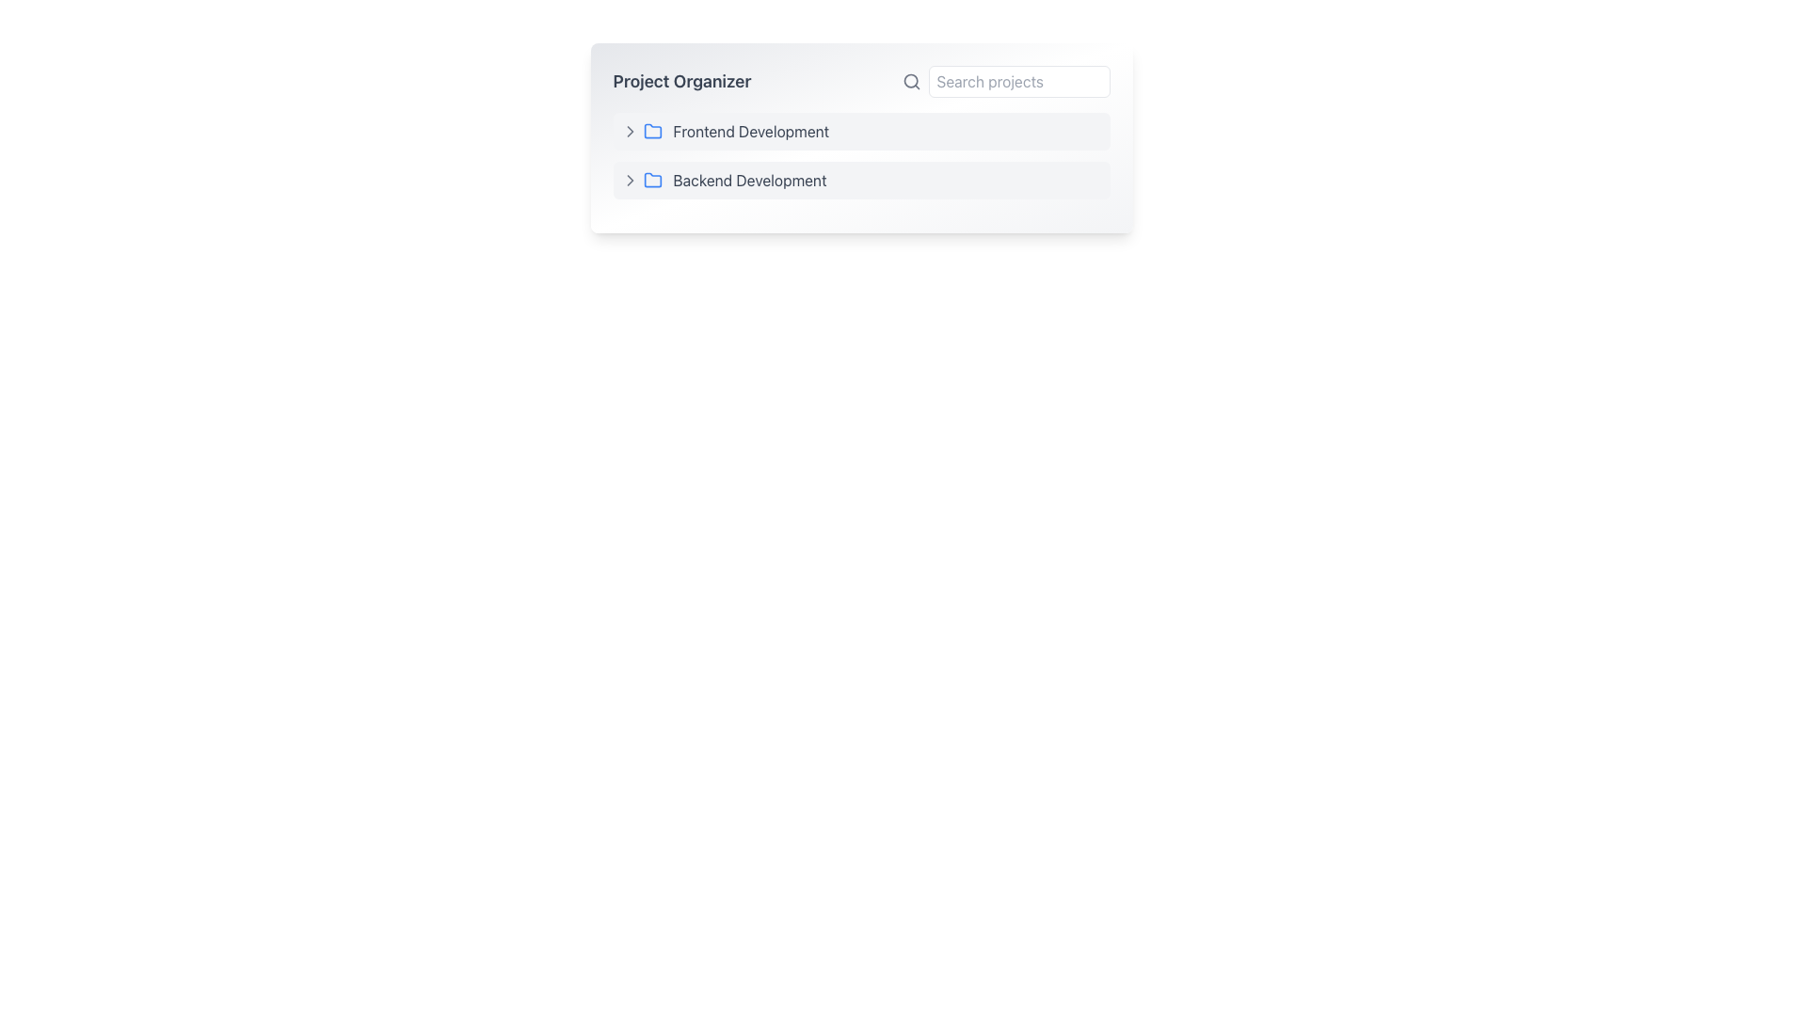 Image resolution: width=1807 pixels, height=1016 pixels. I want to click on the text label that describes the 'Frontend Development' folder in the 'Project Organizer' section, so click(750, 130).